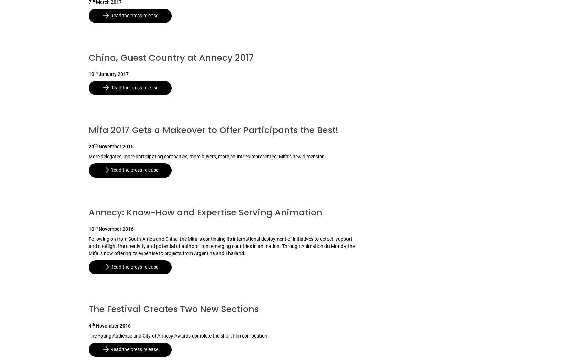 The width and height of the screenshot is (588, 362). I want to click on '4', so click(90, 325).